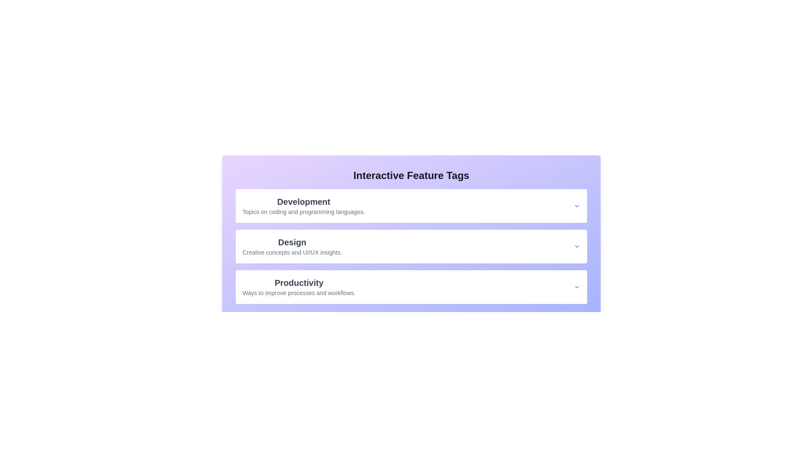 This screenshot has width=811, height=456. I want to click on the indigo downward-pointing chevron icon button located at the far right of the 'Productivity' section, so click(577, 286).